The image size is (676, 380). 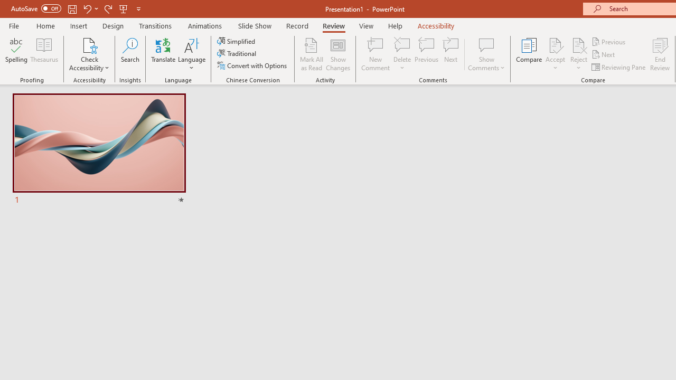 I want to click on 'Reviewing Pane', so click(x=619, y=67).